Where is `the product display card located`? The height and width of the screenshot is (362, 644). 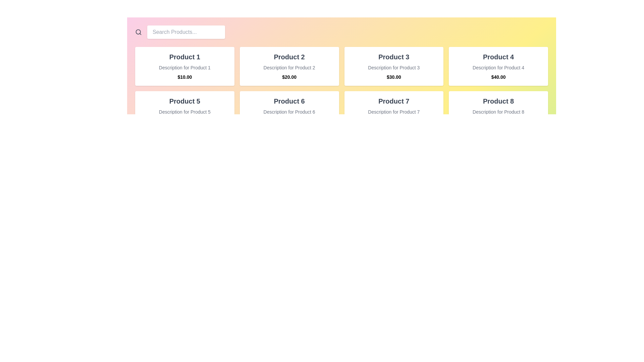
the product display card located is located at coordinates (498, 66).